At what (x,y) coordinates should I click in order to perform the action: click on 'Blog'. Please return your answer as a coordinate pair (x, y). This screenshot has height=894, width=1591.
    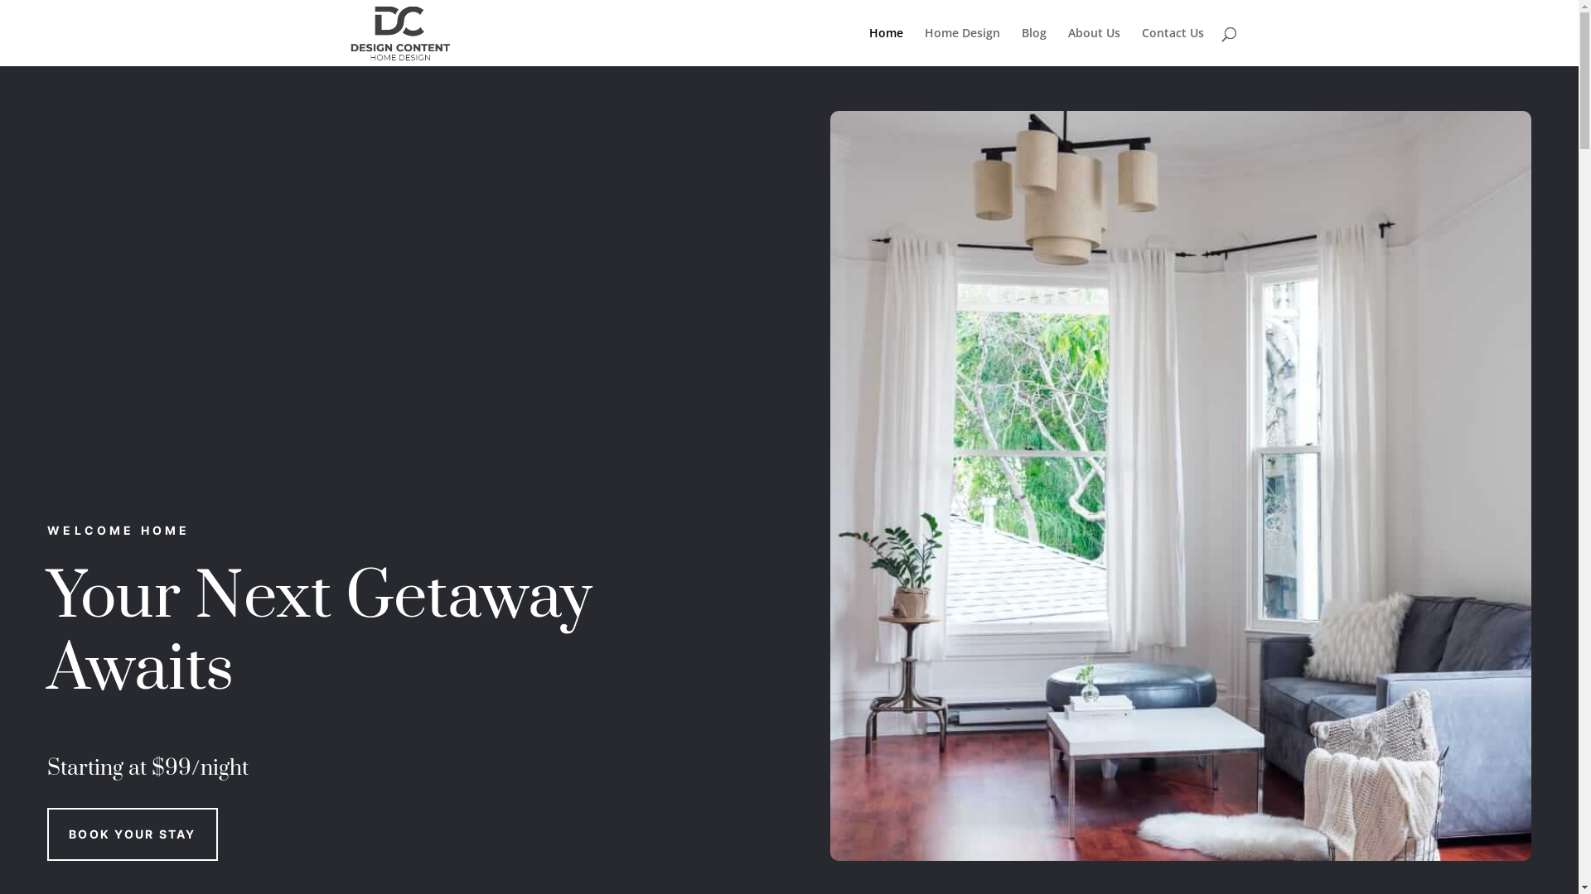
    Looking at the image, I should click on (1032, 46).